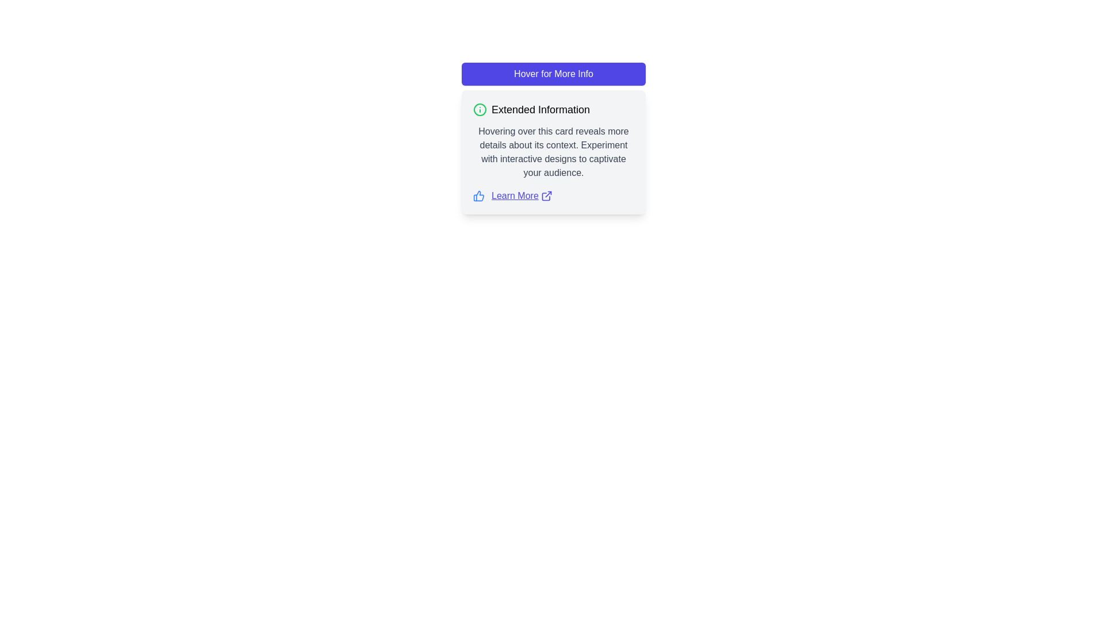  Describe the element at coordinates (554, 74) in the screenshot. I see `the 'Hover for More Info' button, which is a horizontally rectangular button with a purple background and white text, centered within its design` at that location.